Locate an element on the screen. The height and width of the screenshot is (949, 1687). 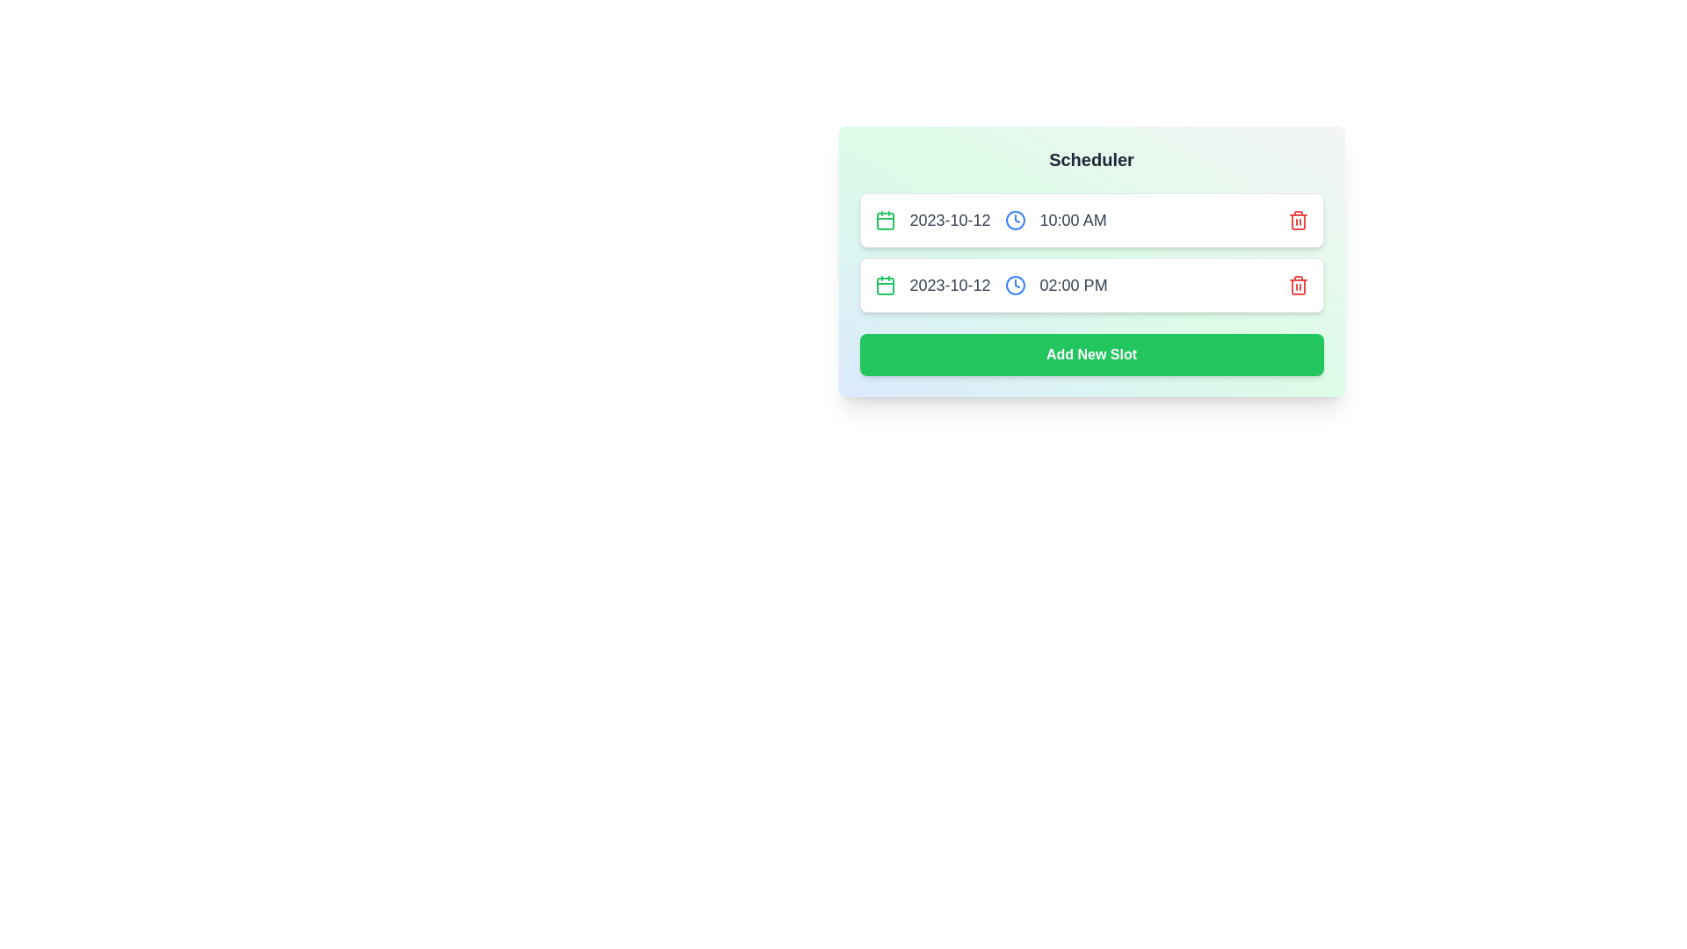
the trash icon for the slot with date 2023-10-12 and time 02:00 PM is located at coordinates (1298, 284).